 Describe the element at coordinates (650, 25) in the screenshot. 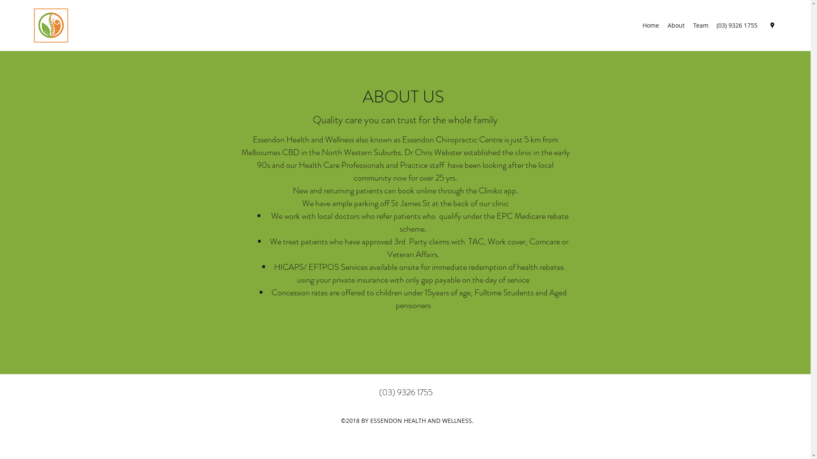

I see `'Home'` at that location.